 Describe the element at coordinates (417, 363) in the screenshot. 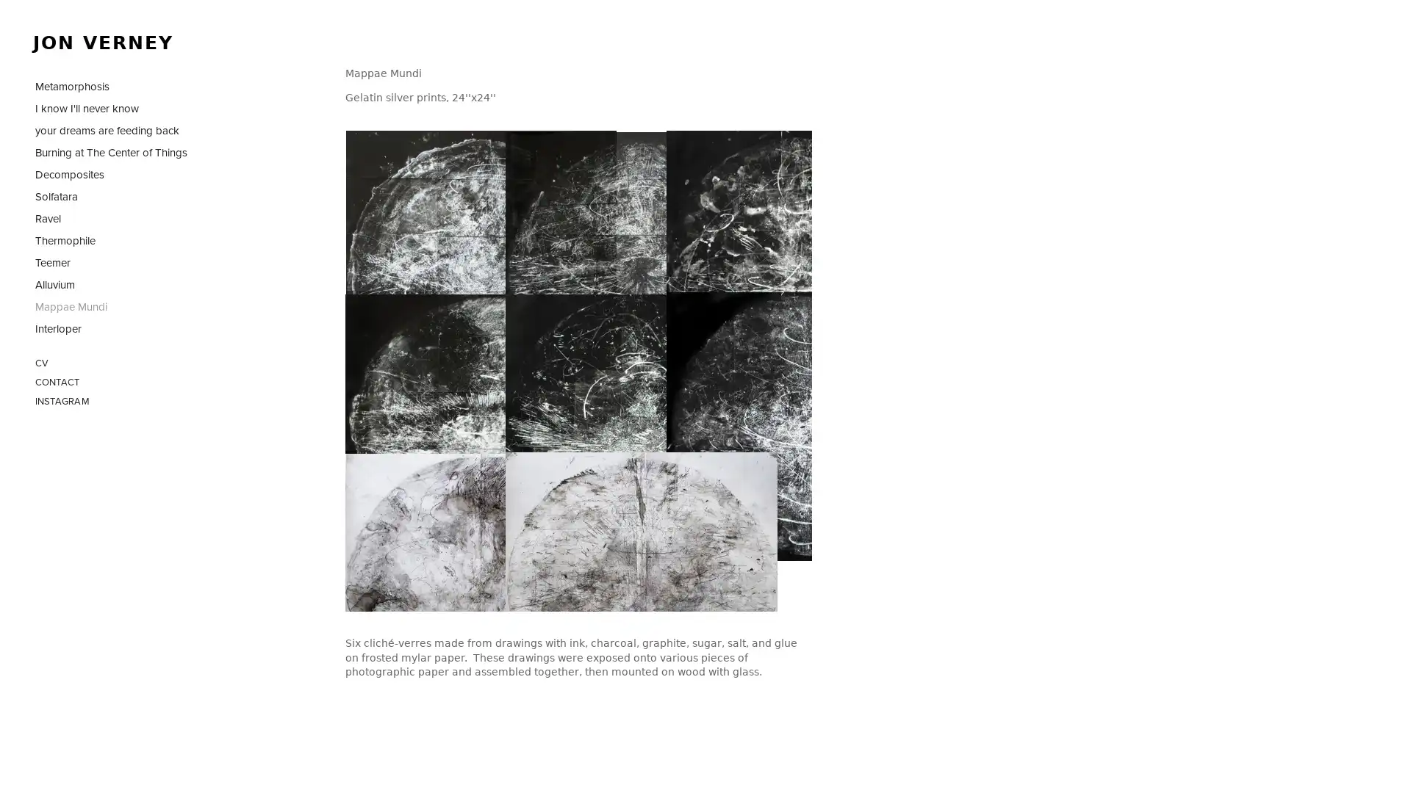

I see `View fullsize mundi4.jpg` at that location.